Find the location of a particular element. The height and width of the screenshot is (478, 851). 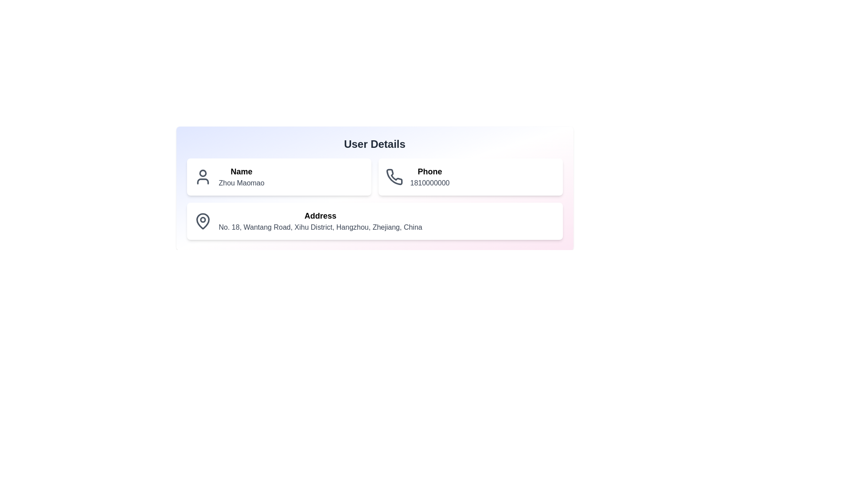

the small circular graphical element within the SVG, located near the text 'Address' is located at coordinates (202, 219).